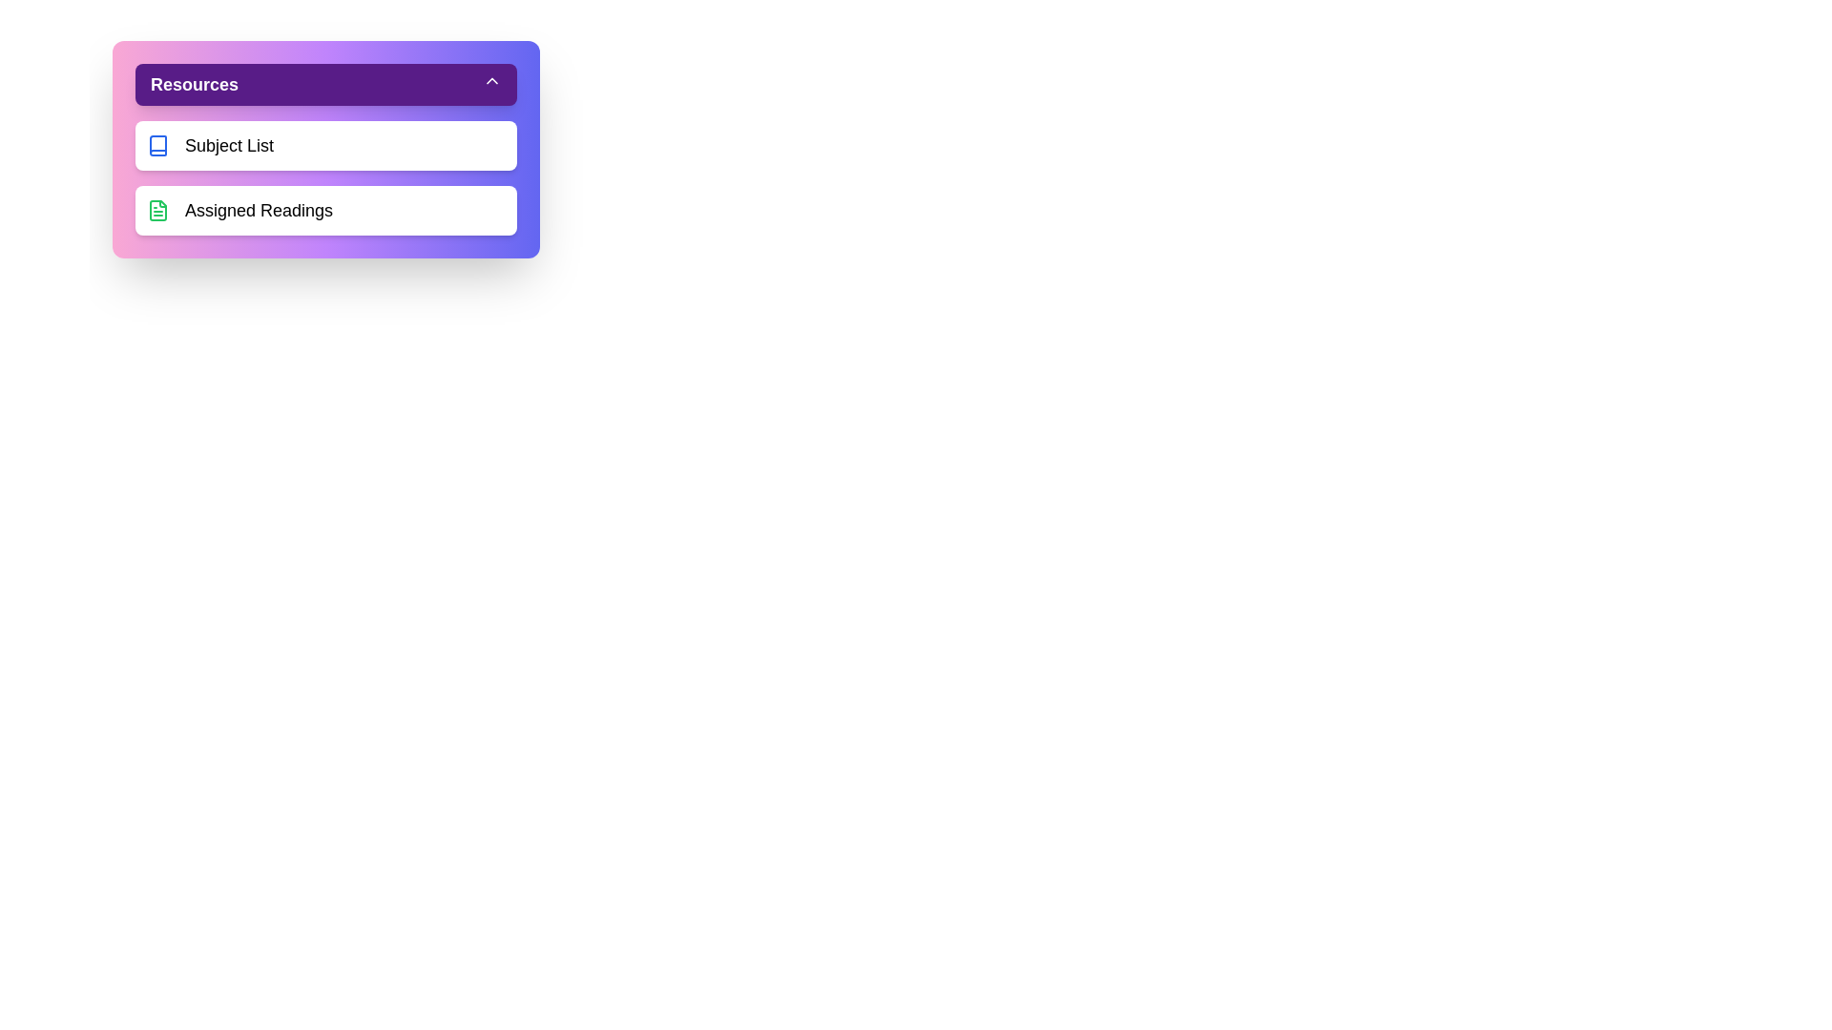 This screenshot has width=1832, height=1030. What do you see at coordinates (325, 210) in the screenshot?
I see `the 'Assigned Readings' list item located at the bottom of the 'Resources' dropdown` at bounding box center [325, 210].